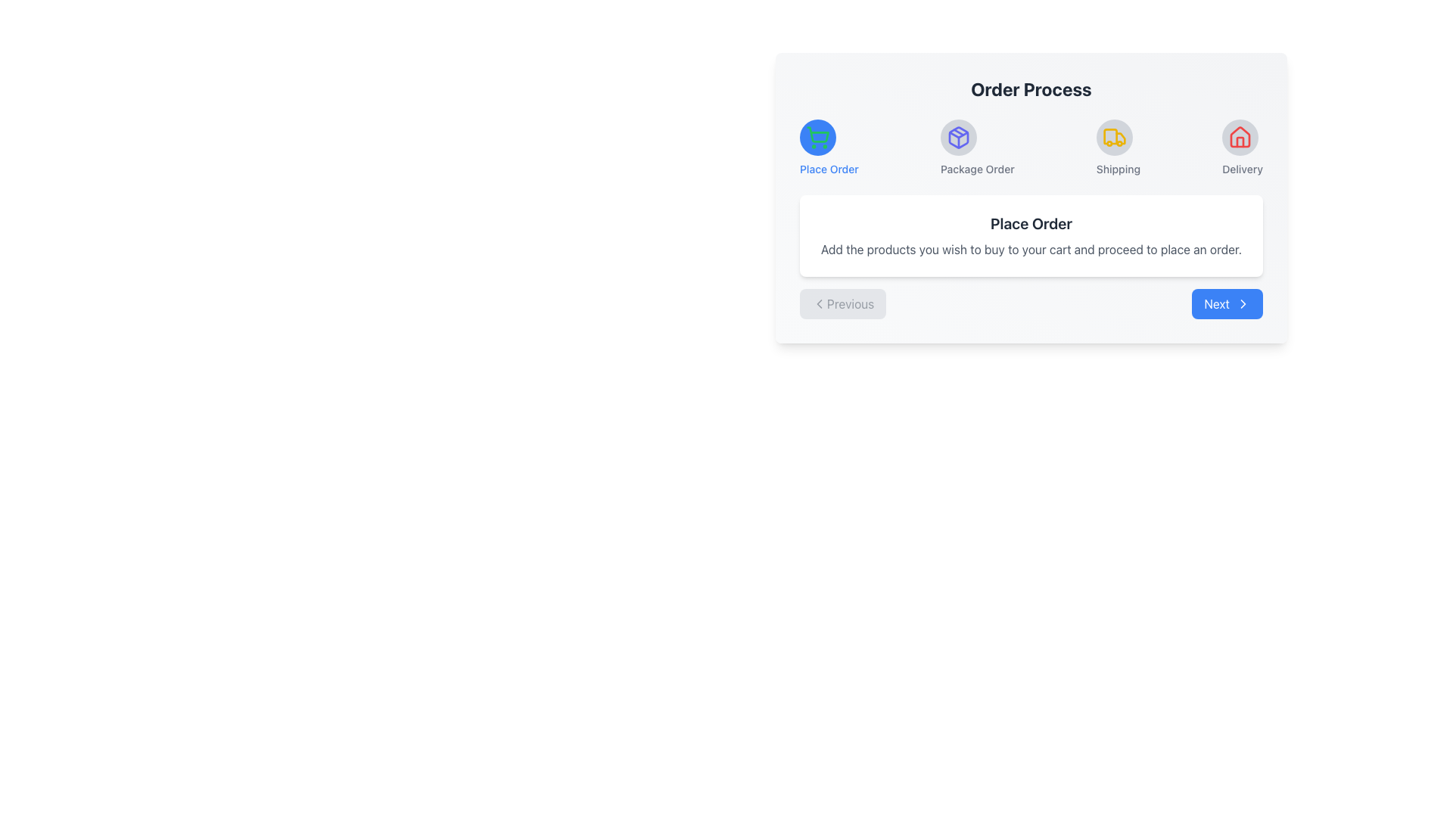 The image size is (1453, 817). What do you see at coordinates (1240, 142) in the screenshot?
I see `the vertical rectangle outline of the house's door in the 'Delivery' icon within the 'Order Process' section` at bounding box center [1240, 142].